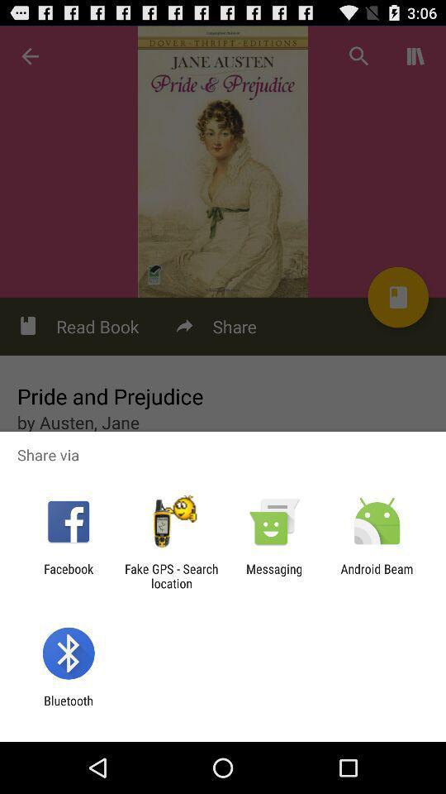 Image resolution: width=446 pixels, height=794 pixels. I want to click on the android beam icon, so click(377, 576).